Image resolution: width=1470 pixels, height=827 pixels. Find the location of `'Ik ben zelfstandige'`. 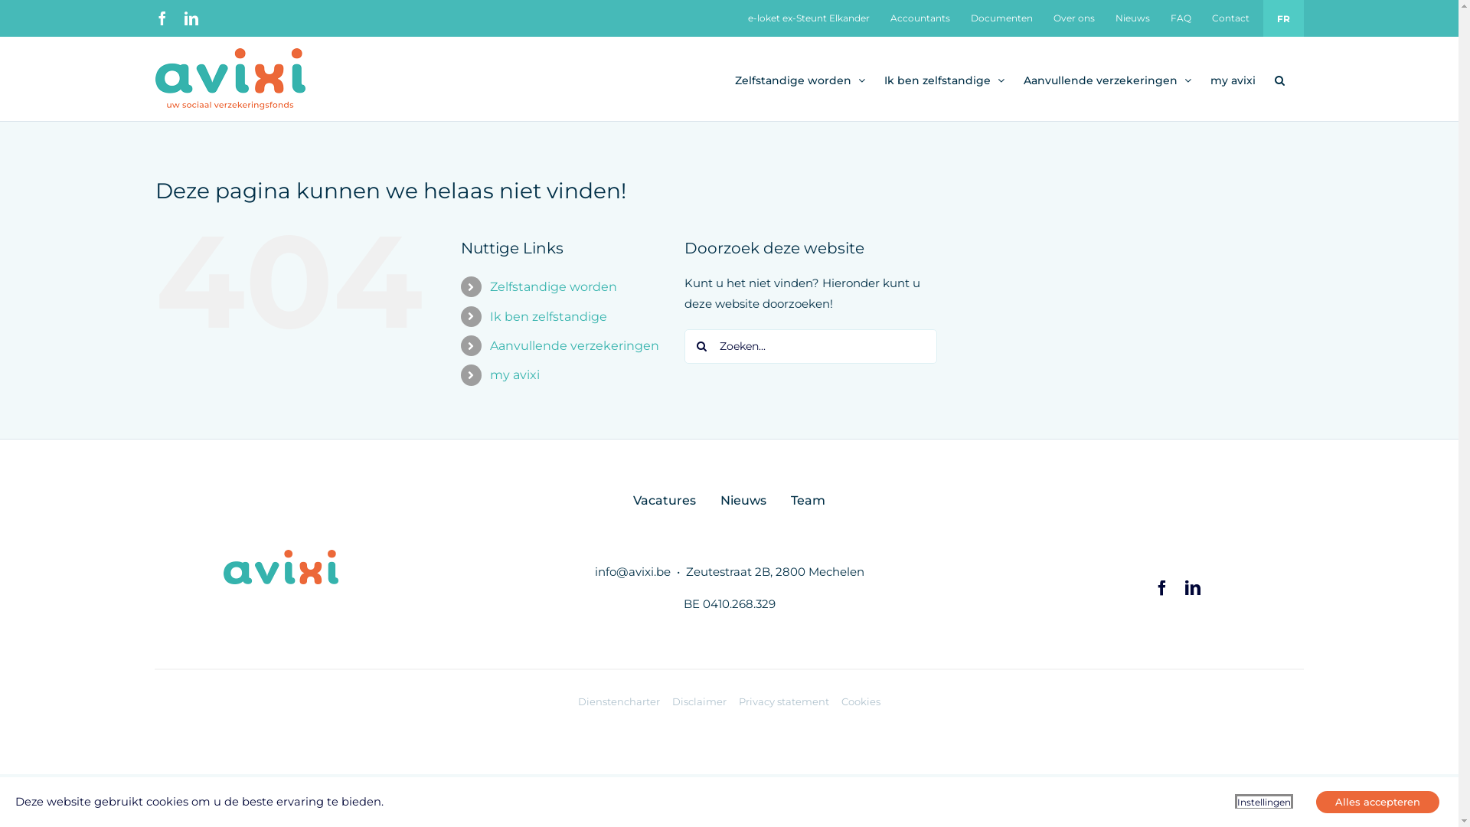

'Ik ben zelfstandige' is located at coordinates (942, 79).